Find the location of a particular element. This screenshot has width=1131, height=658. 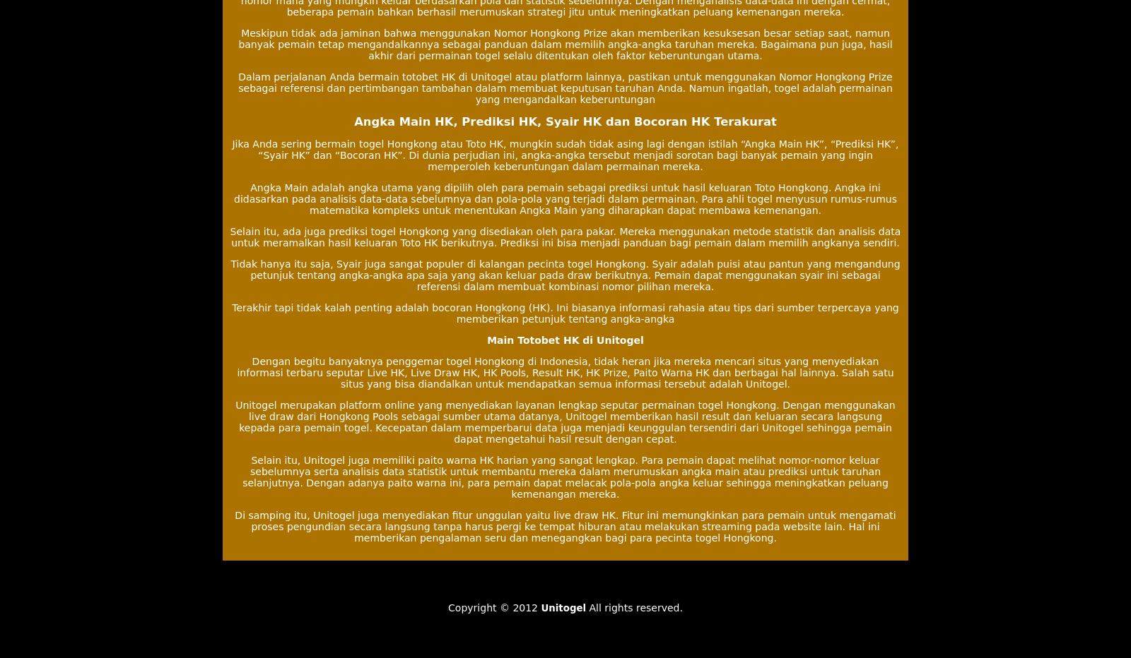

'Selain itu, Unitogel juga memiliki paito warna HK harian yang sangat lengkap. Para pemain dapat melihat nomor-nomor keluar sebelumnya serta analisis data statistik untuk membantu mereka dalam merumuskan angka main atau prediksi untuk taruhan selanjutnya. Dengan adanya paito warna ini, para pemain dapat melacak pola-pola angka keluar sehingga meningkatkan peluang kemenangan mereka.' is located at coordinates (565, 477).